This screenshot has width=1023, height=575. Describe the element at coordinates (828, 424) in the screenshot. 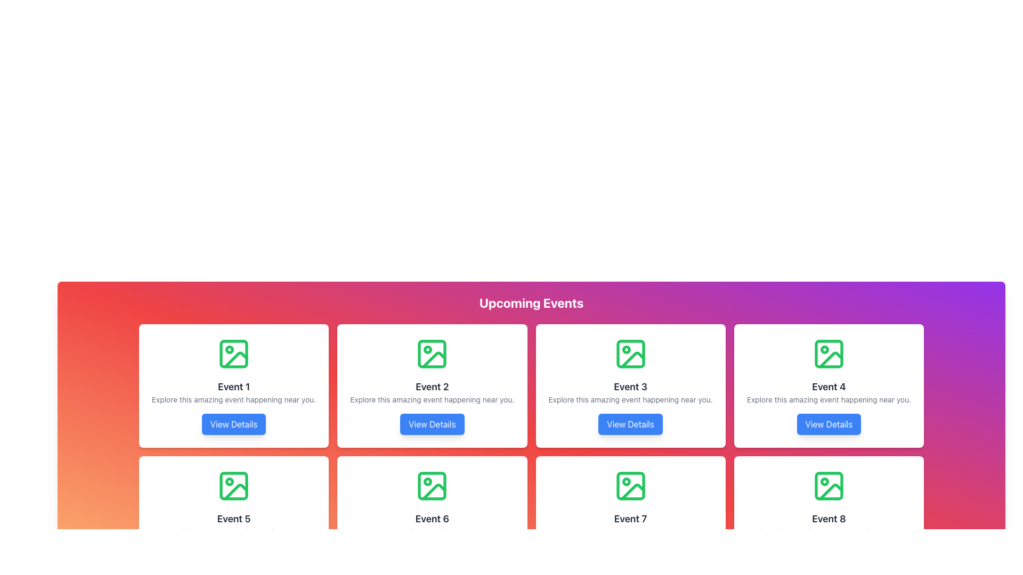

I see `the call-to-action button located in the fourth card of the event grid, positioned below the title 'Event 4'` at that location.